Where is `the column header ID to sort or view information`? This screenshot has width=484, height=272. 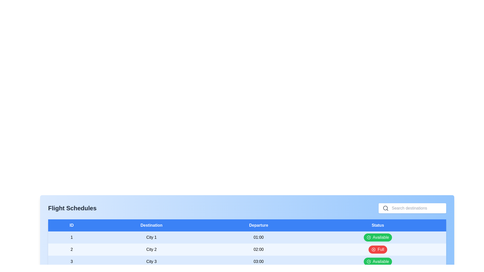
the column header ID to sort or view information is located at coordinates (71, 225).